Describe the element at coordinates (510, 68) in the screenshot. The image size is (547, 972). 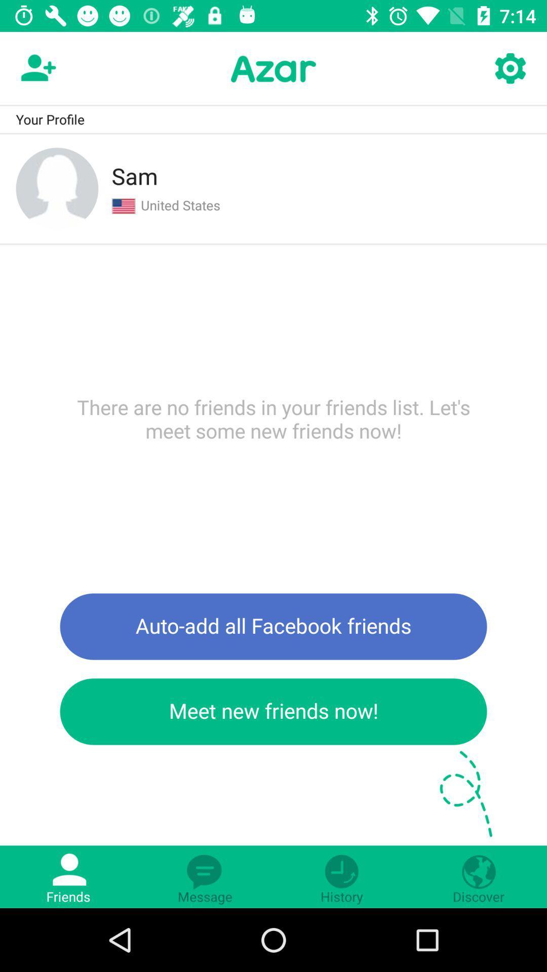
I see `app settings` at that location.